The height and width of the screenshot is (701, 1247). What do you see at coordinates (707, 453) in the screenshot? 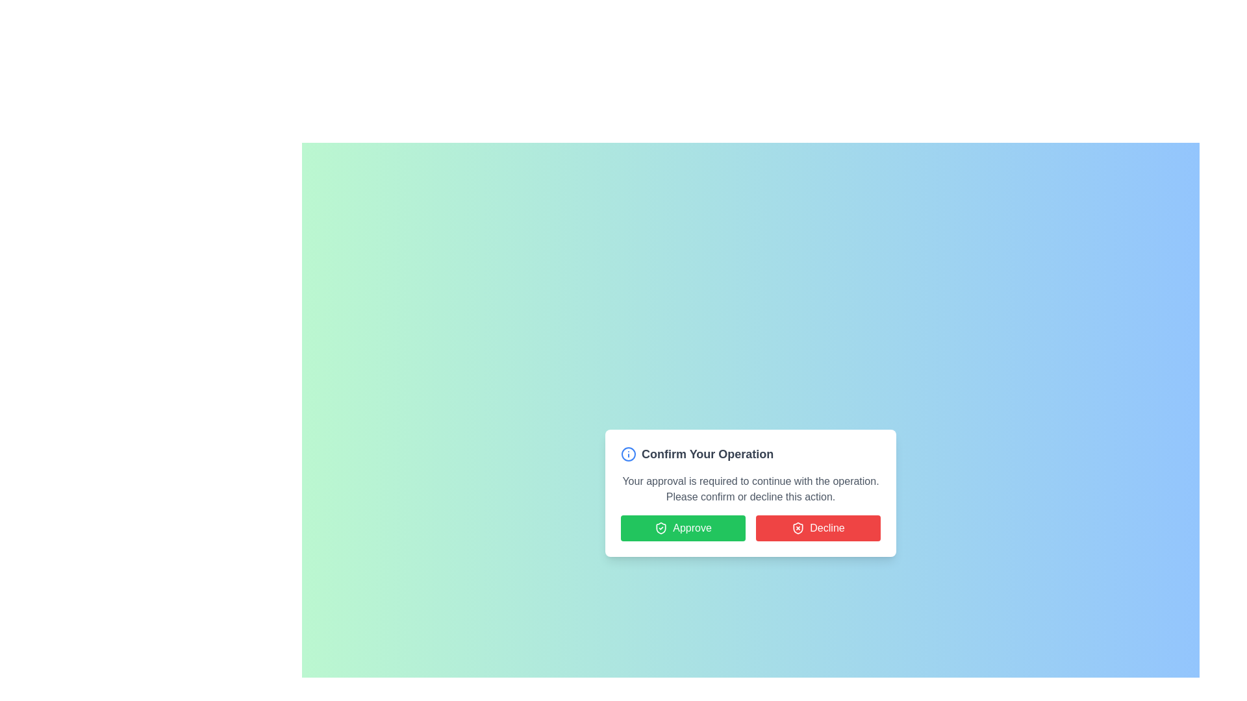
I see `the headline text in the confirmation dialog box, which is positioned at the upper part of the dialog and aligned with an informational icon to its left` at bounding box center [707, 453].